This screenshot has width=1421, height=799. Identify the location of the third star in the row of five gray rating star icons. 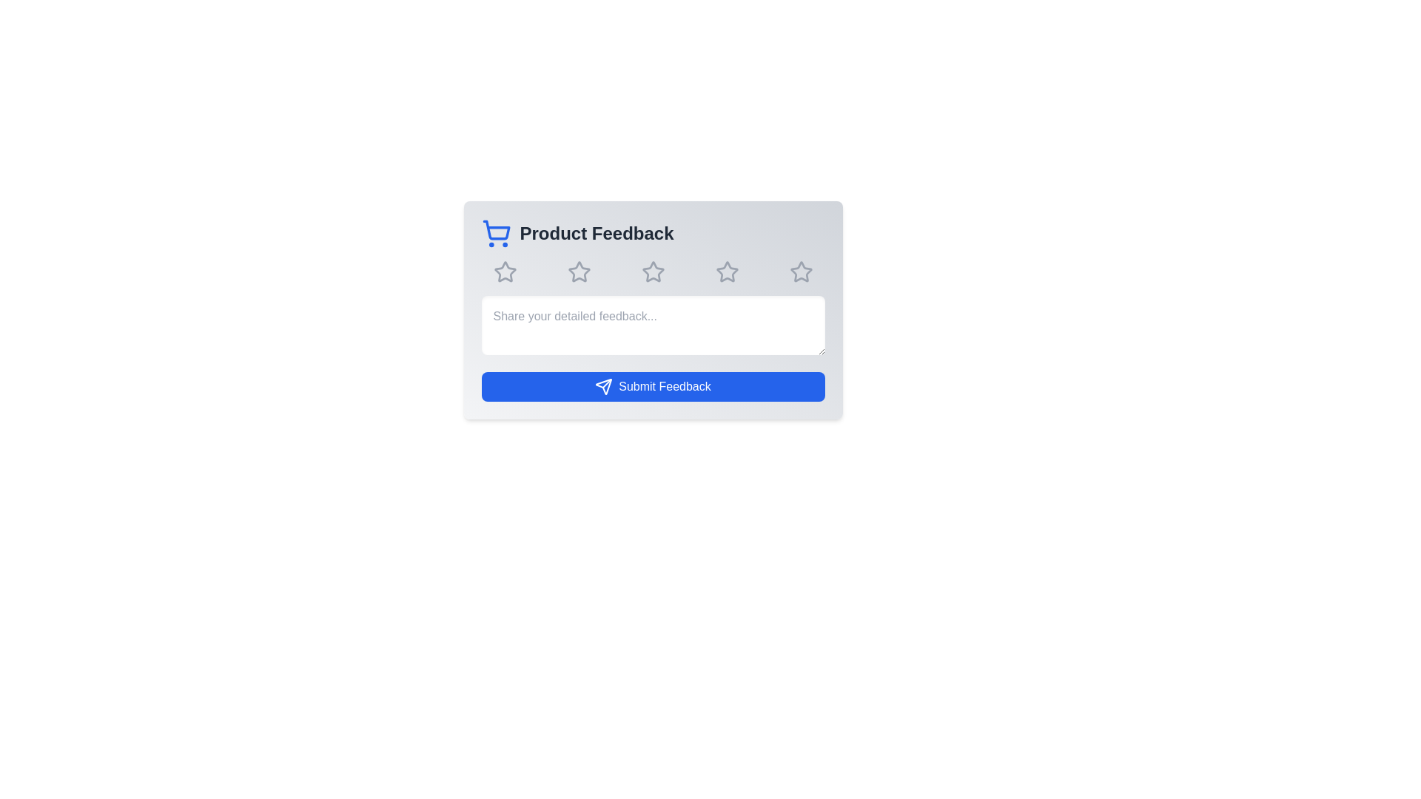
(652, 272).